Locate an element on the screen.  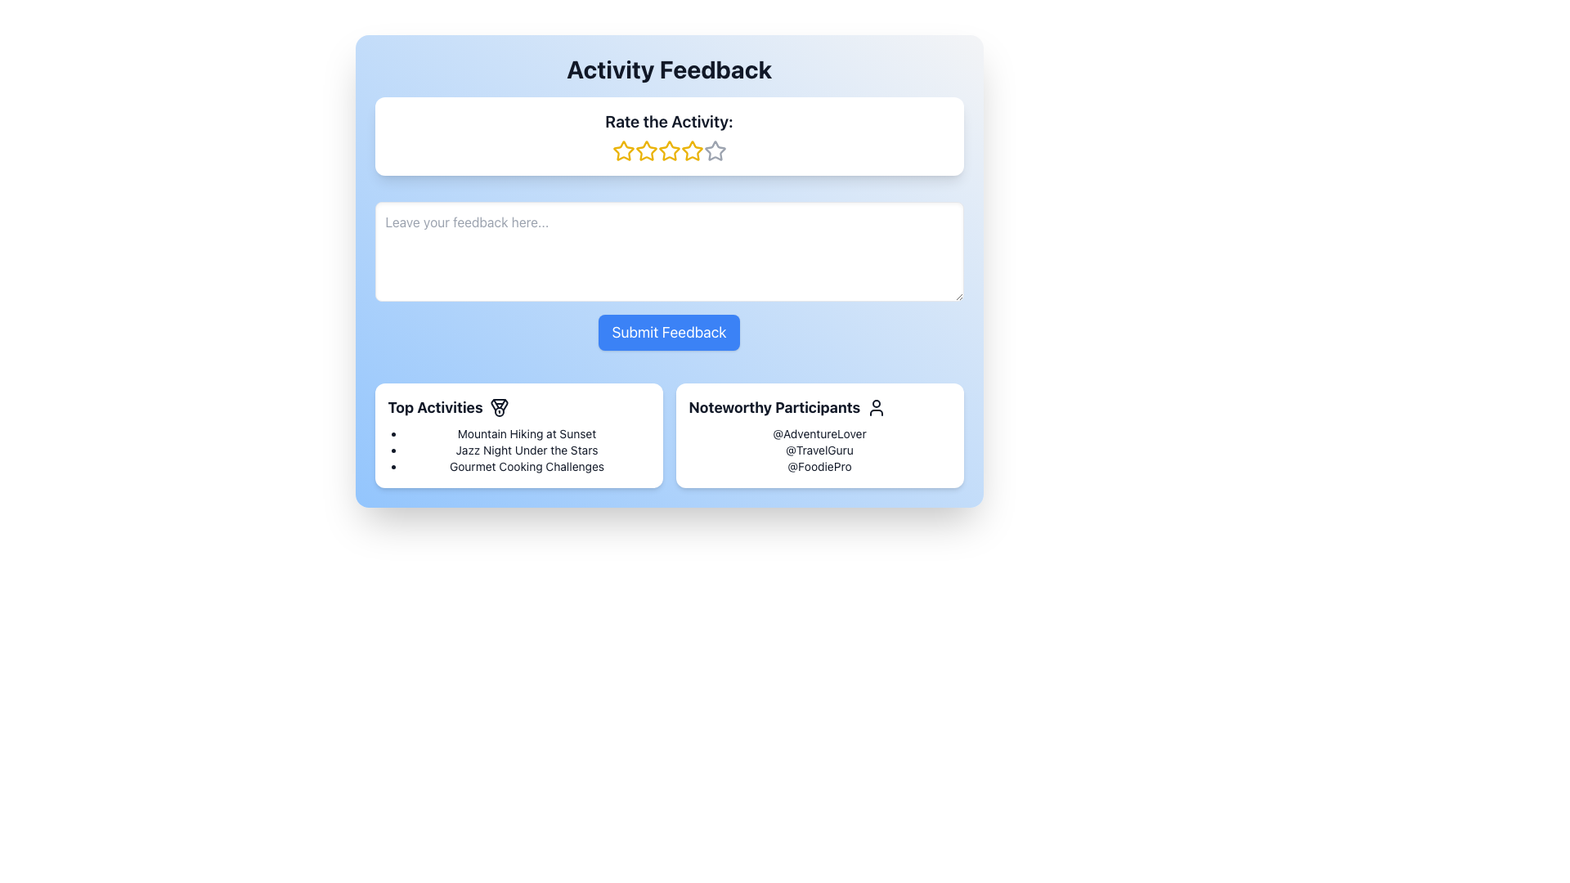
the fourth rating star icon in the 5-star rating system is located at coordinates (692, 150).